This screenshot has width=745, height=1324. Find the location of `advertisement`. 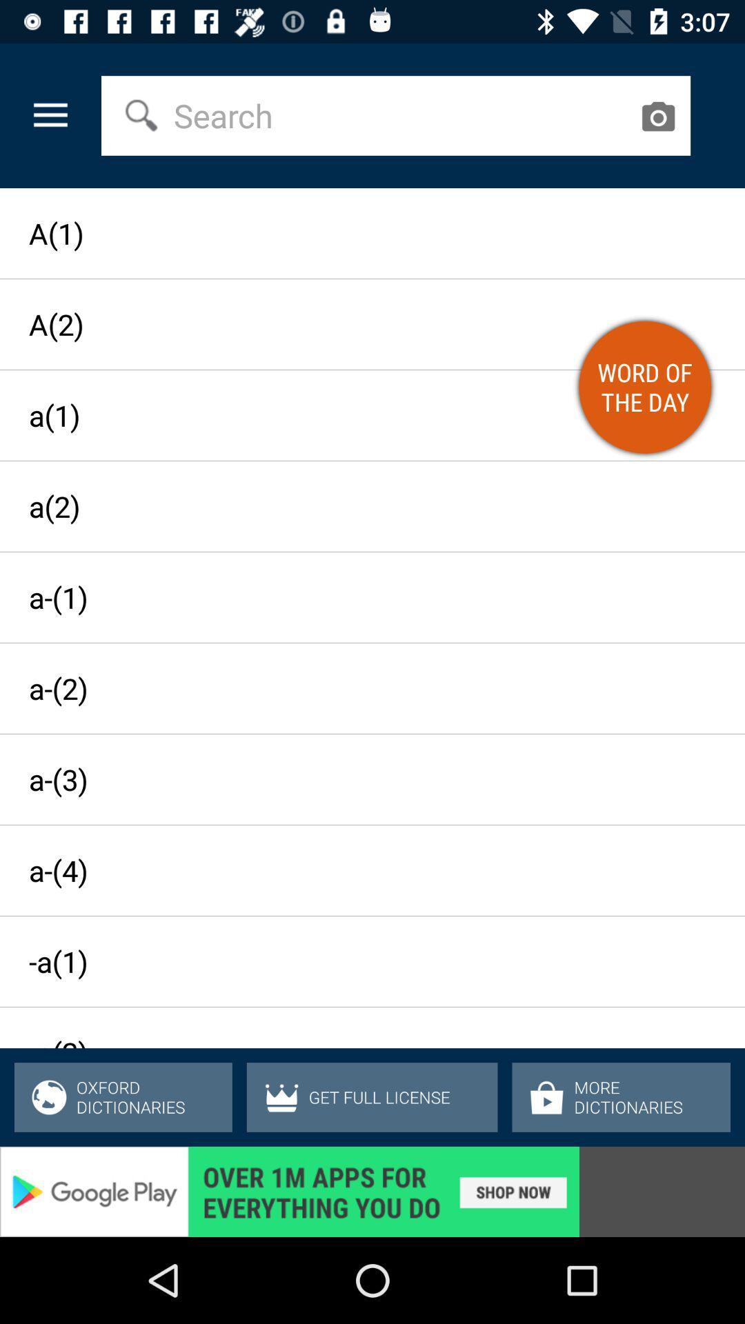

advertisement is located at coordinates (372, 1191).